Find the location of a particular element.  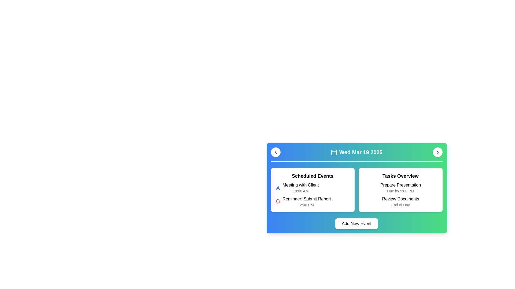

the static text label displaying the time information for the scheduled meeting titled 'Meeting with Client', which is located directly below the meeting title within the 'Scheduled Events' card is located at coordinates (301, 191).